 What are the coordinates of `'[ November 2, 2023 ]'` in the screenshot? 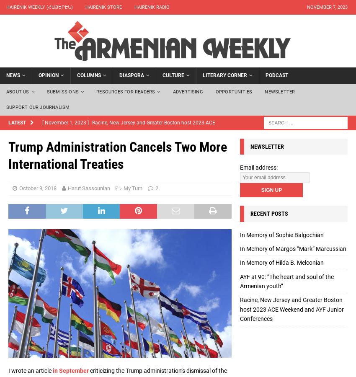 It's located at (66, 174).